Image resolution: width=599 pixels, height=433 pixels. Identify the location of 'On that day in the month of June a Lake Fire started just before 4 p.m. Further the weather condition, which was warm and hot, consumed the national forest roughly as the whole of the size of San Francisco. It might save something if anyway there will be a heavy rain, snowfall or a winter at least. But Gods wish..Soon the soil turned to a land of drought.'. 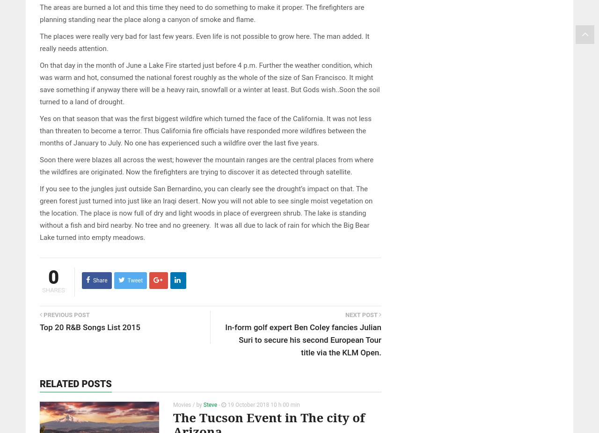
(209, 83).